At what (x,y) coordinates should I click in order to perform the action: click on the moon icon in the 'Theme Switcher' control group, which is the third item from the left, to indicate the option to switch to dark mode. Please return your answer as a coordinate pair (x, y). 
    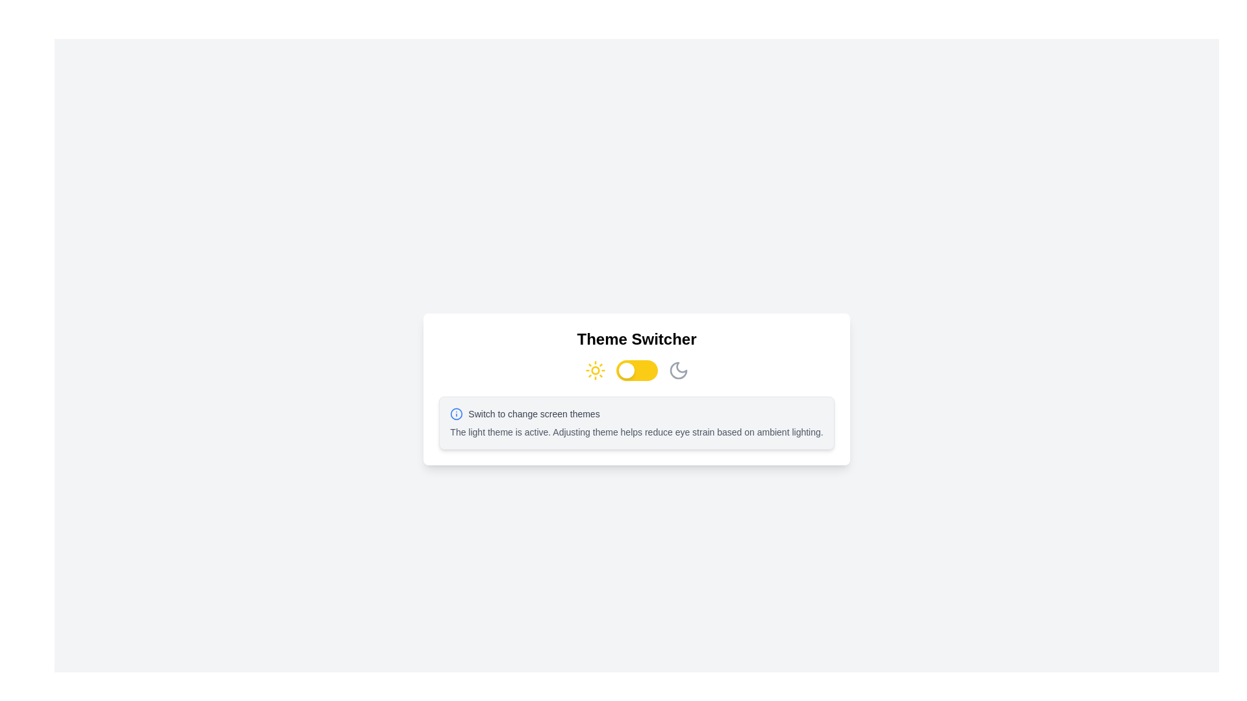
    Looking at the image, I should click on (677, 370).